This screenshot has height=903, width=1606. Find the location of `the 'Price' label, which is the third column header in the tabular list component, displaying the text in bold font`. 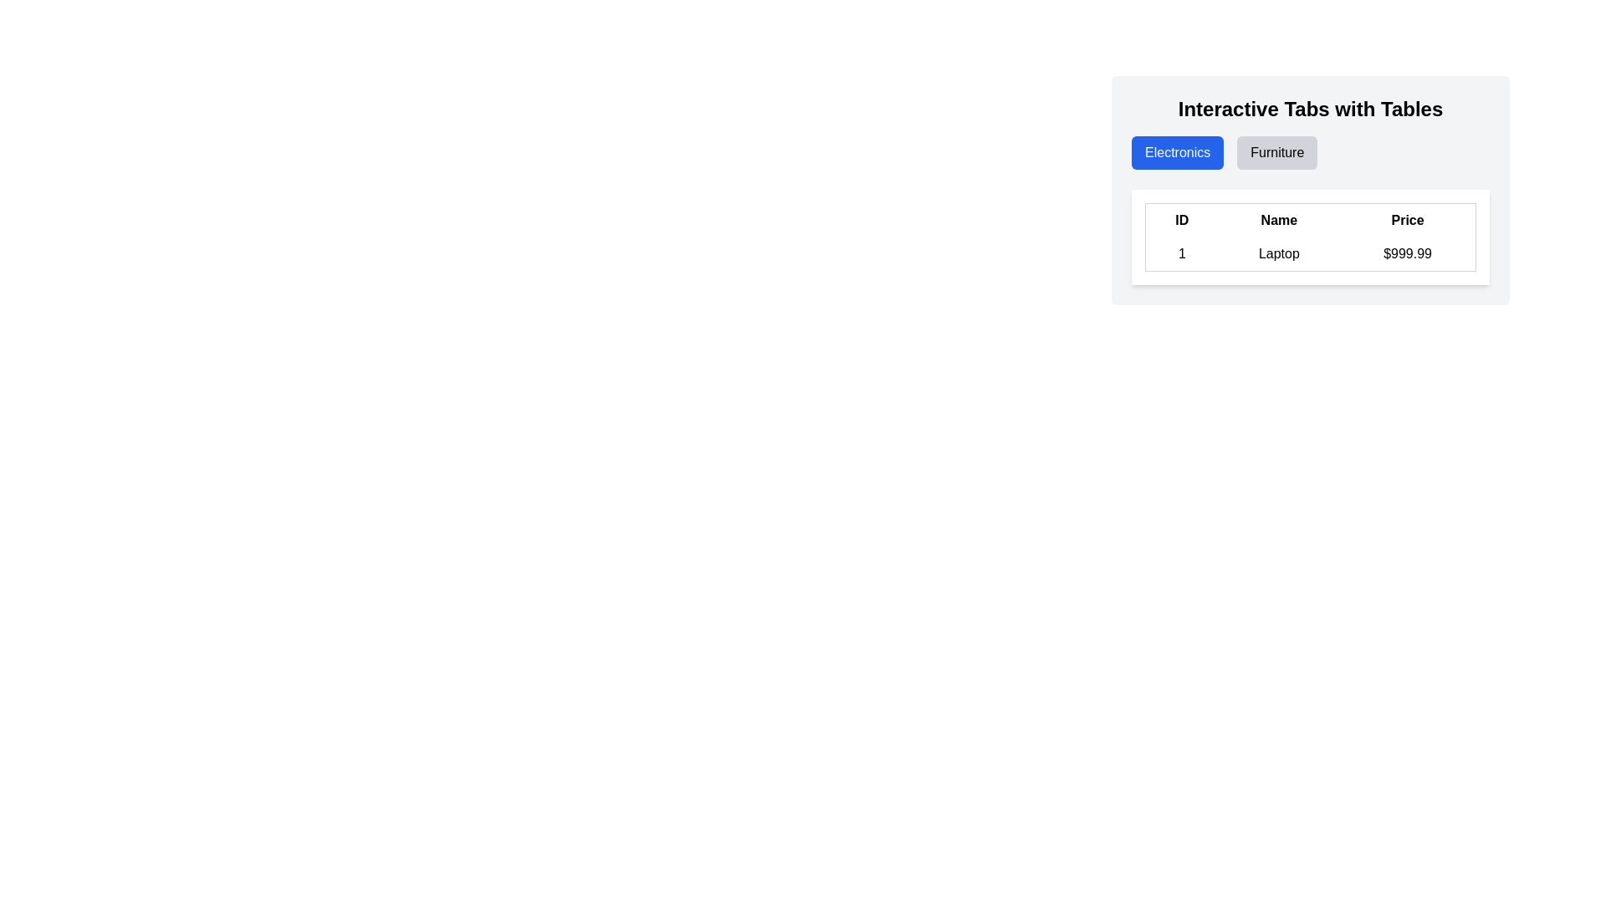

the 'Price' label, which is the third column header in the tabular list component, displaying the text in bold font is located at coordinates (1407, 219).